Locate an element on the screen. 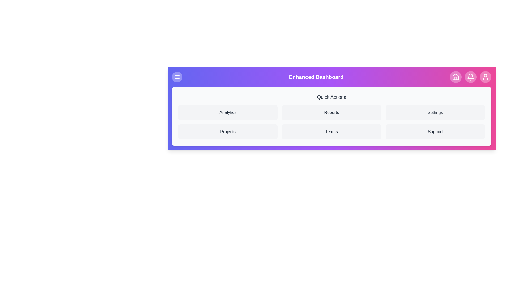  the 'Projects' button in the Quick Actions menu is located at coordinates (228, 132).